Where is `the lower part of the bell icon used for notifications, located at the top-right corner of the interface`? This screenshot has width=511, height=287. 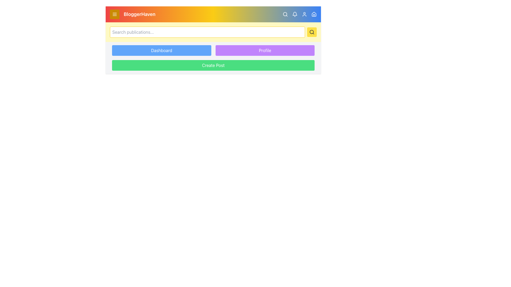
the lower part of the bell icon used for notifications, located at the top-right corner of the interface is located at coordinates (295, 13).